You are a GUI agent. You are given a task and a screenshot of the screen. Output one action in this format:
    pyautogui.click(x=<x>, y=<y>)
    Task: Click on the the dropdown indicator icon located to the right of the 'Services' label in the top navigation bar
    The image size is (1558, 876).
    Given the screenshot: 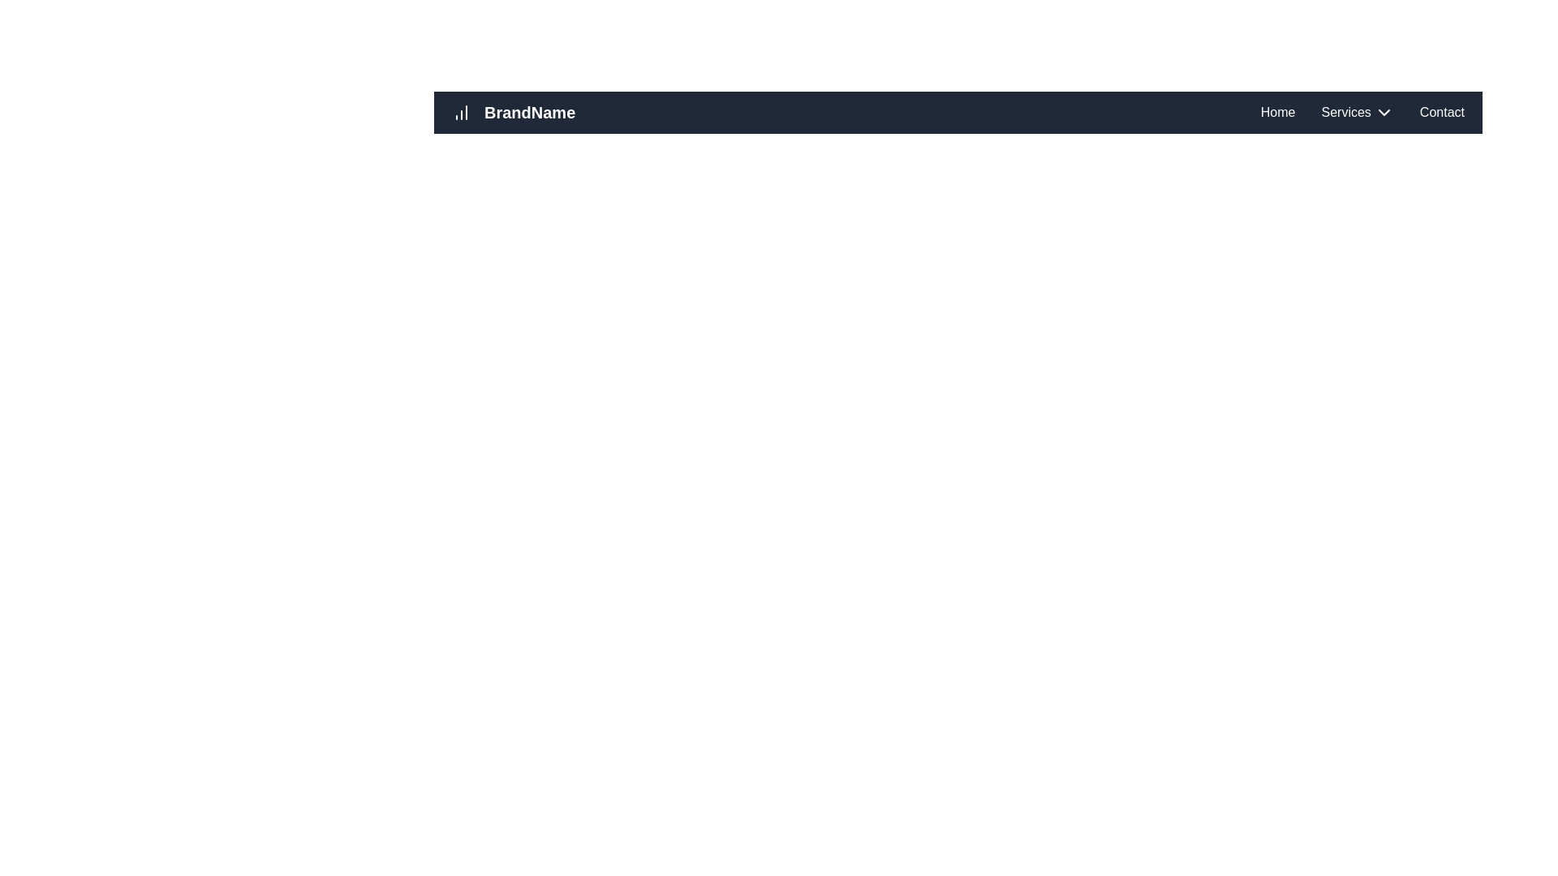 What is the action you would take?
    pyautogui.click(x=1383, y=111)
    